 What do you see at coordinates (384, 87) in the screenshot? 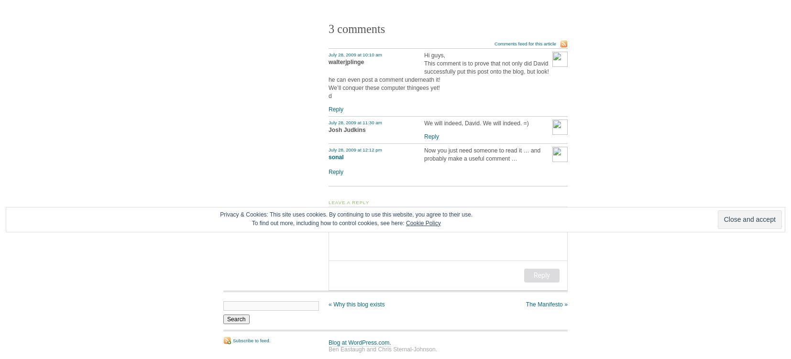
I see `'We’ll conquer these computer thingees yet!'` at bounding box center [384, 87].